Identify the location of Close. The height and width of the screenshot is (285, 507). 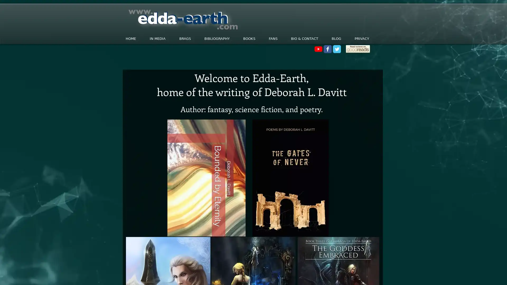
(500, 275).